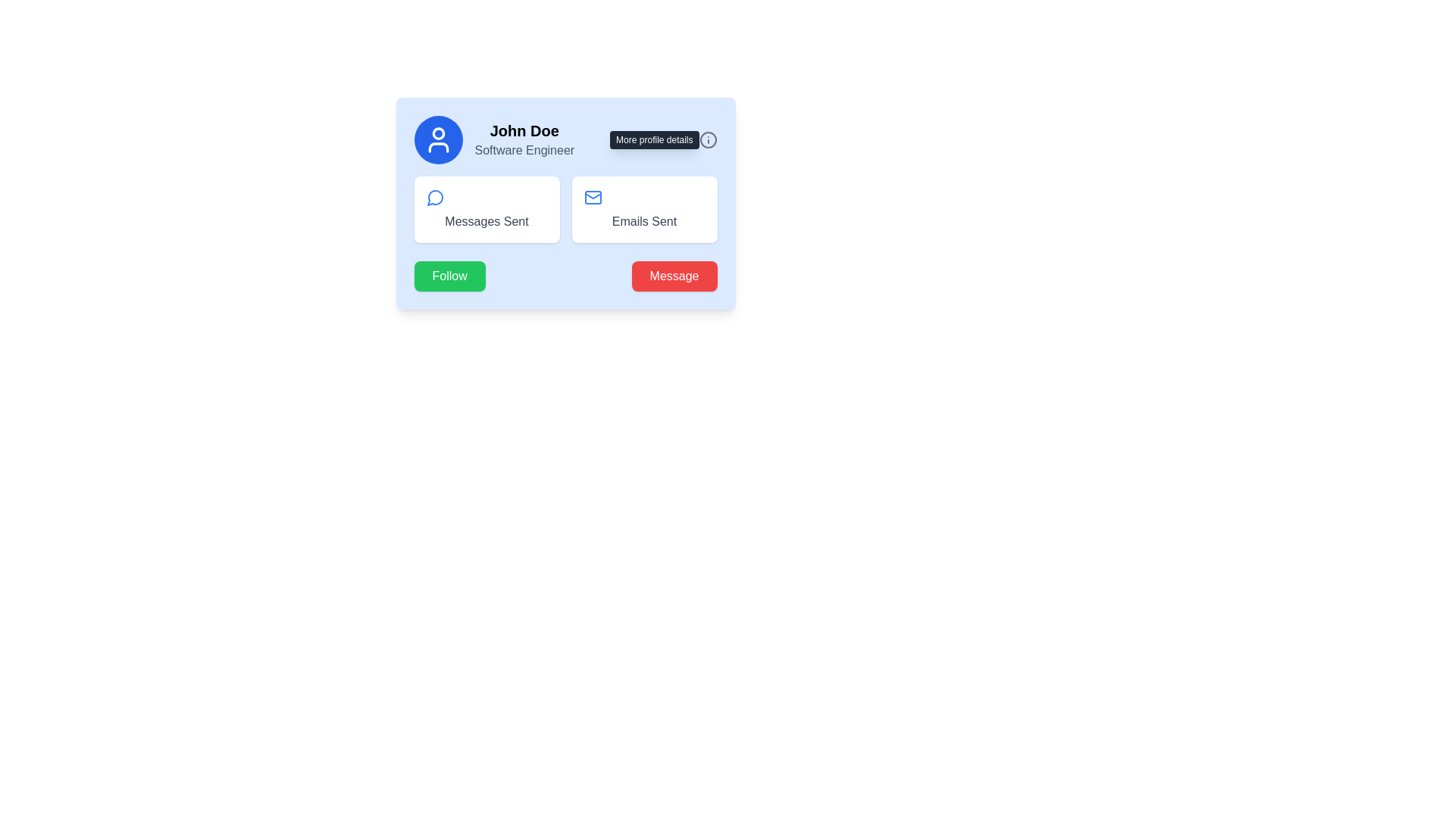 This screenshot has width=1455, height=818. Describe the element at coordinates (707, 140) in the screenshot. I see `the main circular part of the icon in the header section of the profile card, which is part of a button-like component and has a tooltip that says 'More profile details'` at that location.